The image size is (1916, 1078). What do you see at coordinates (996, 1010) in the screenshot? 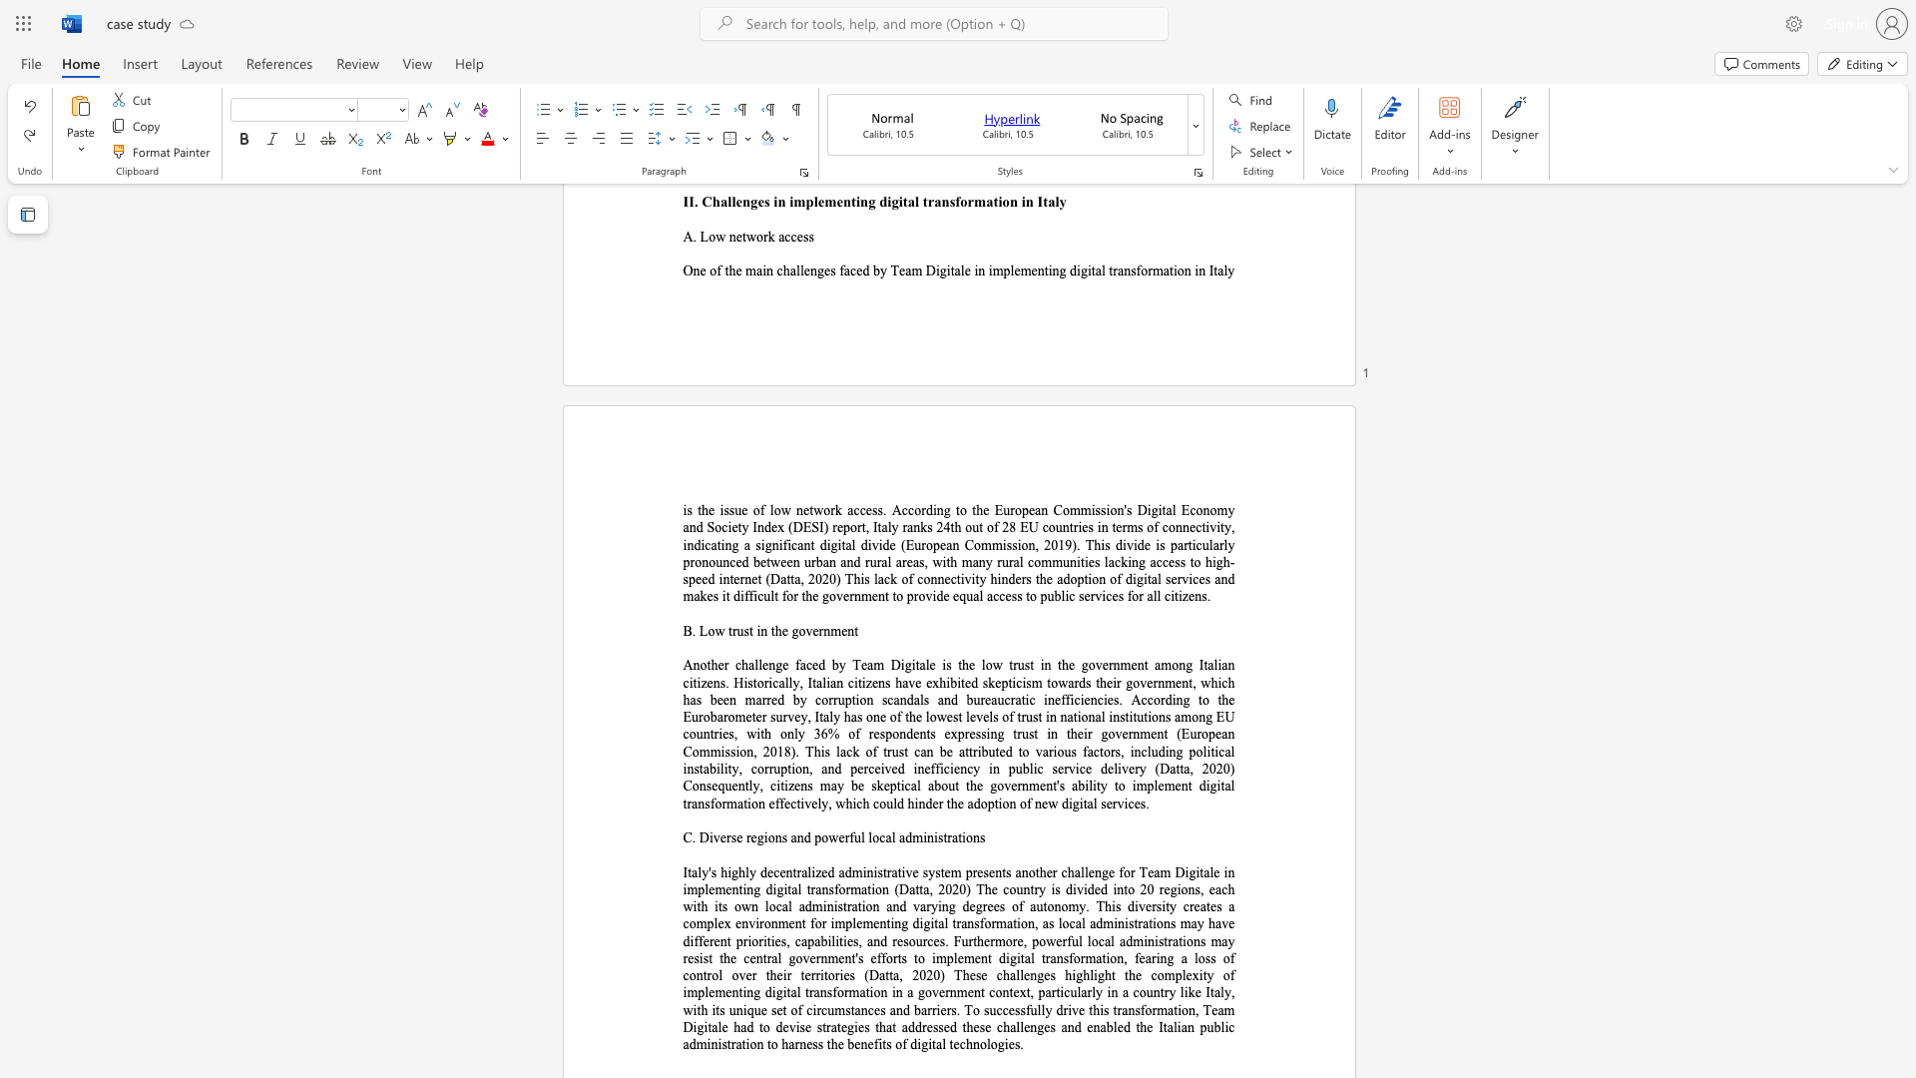
I see `the subset text "ccessfully drive this transformation, Team Digitale had to devise strategies that addressed these challenges and enabled the Italian public administr" within the text "efforts to implement digital transformation, fearing a loss of control over their territories (Datta, 2020) These challenges highlight the complexity of implementing digital transformation in a government context, particularly in a country like Italy, with its unique set of circumstances and barriers. To successfully drive this transformation, Team Digitale had to devise strategies that addressed these challenges and enabled the Italian public administration to harness the benefits of digital technologies."` at bounding box center [996, 1010].